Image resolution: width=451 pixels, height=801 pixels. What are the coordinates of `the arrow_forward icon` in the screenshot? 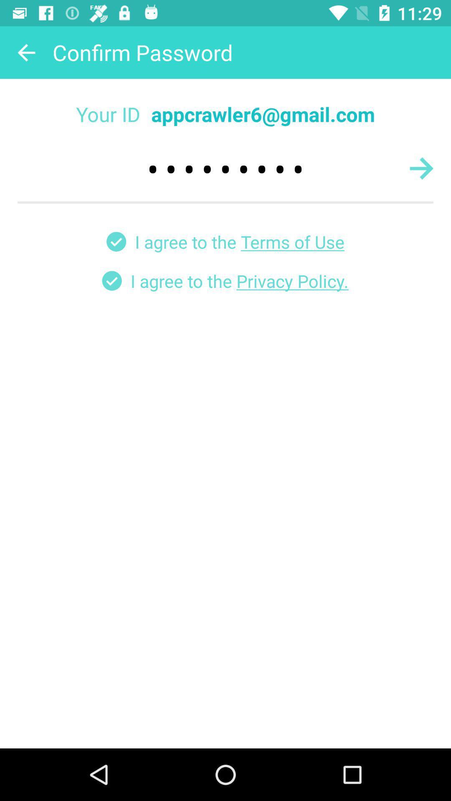 It's located at (421, 168).